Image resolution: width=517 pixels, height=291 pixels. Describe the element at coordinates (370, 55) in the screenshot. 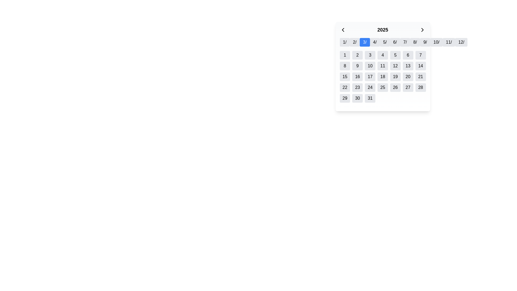

I see `the button containing the digit '3' in a light gray background, which is the third button in the first row of a calendar grid for March 2025` at that location.